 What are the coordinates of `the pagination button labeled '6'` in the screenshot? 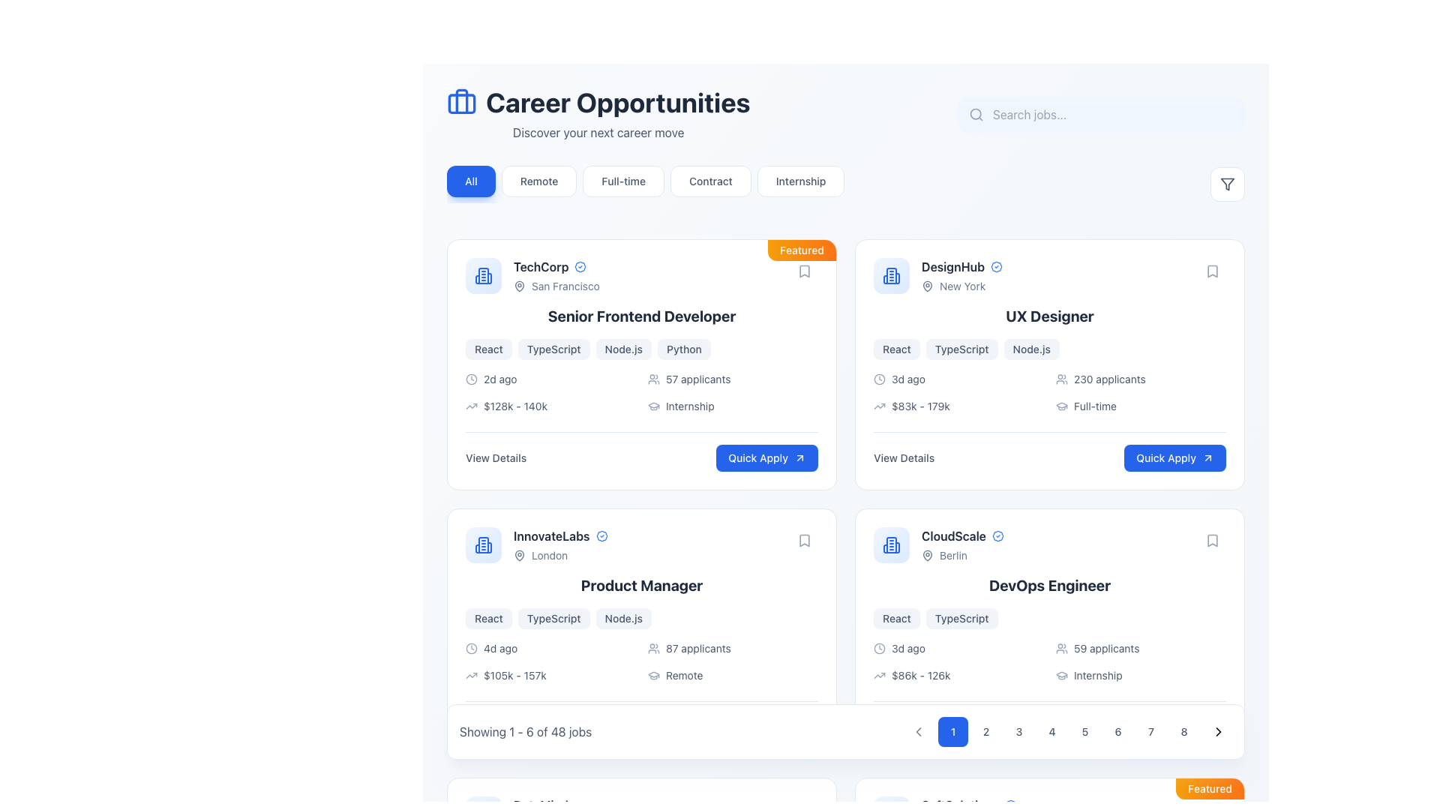 It's located at (1118, 730).